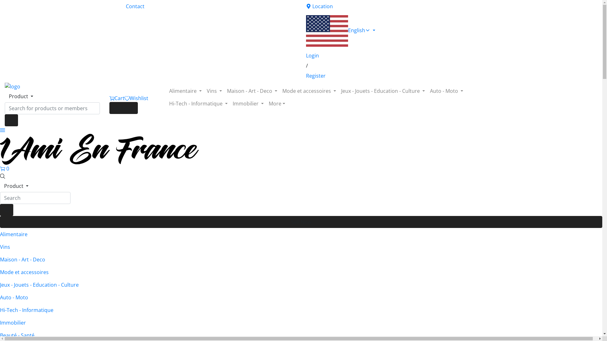 The width and height of the screenshot is (607, 341). Describe the element at coordinates (277, 103) in the screenshot. I see `'More'` at that location.